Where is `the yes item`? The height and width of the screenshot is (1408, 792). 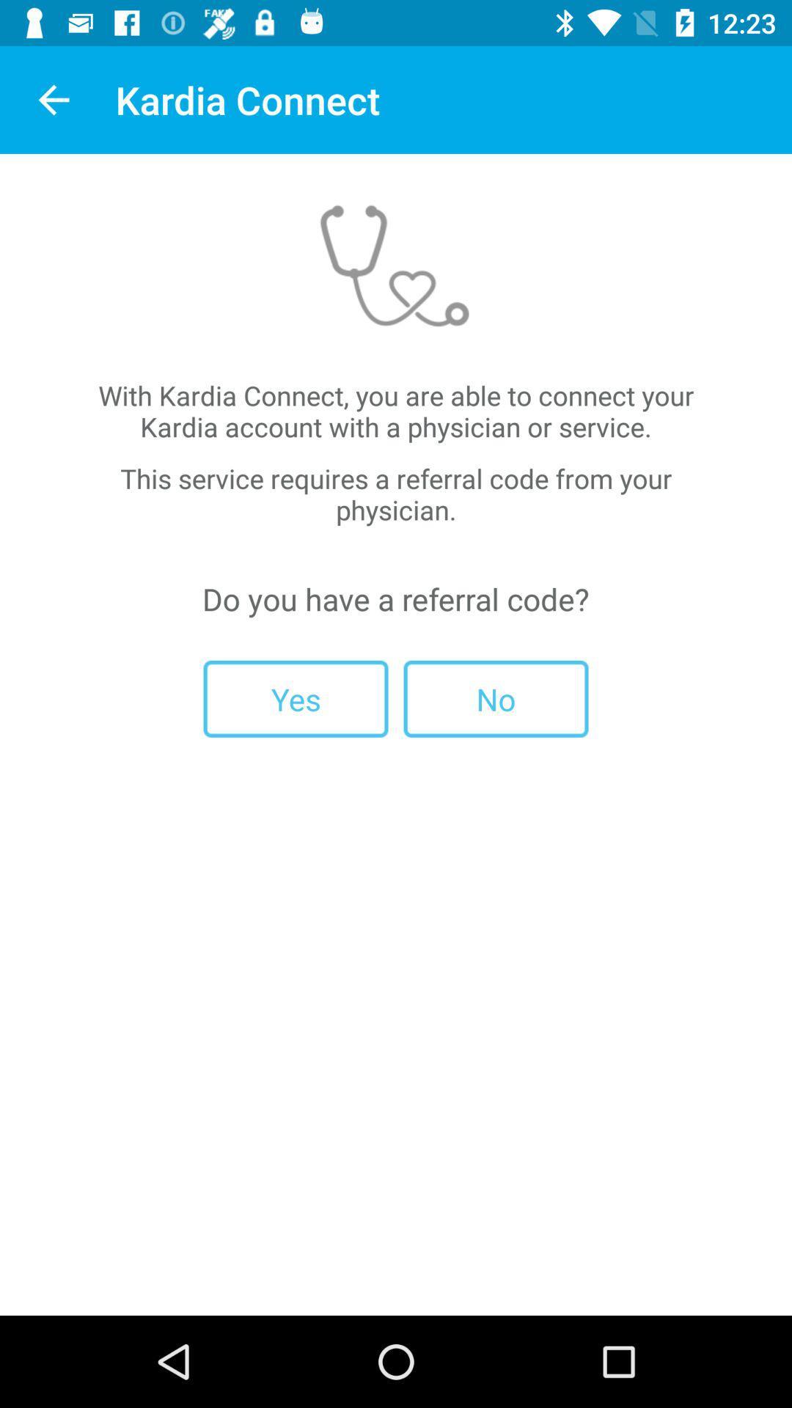
the yes item is located at coordinates (296, 698).